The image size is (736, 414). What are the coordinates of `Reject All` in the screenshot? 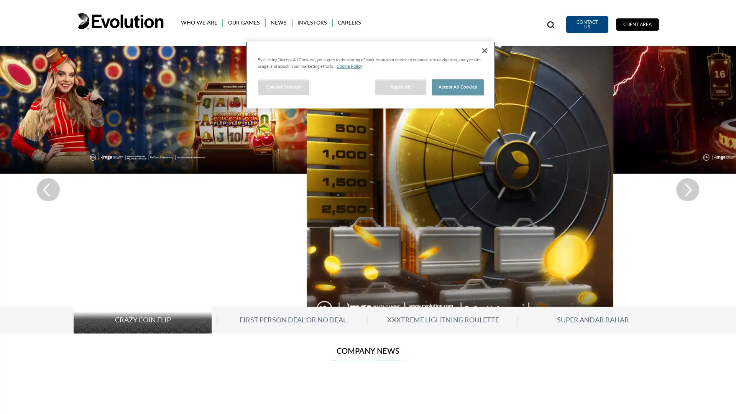 It's located at (400, 87).